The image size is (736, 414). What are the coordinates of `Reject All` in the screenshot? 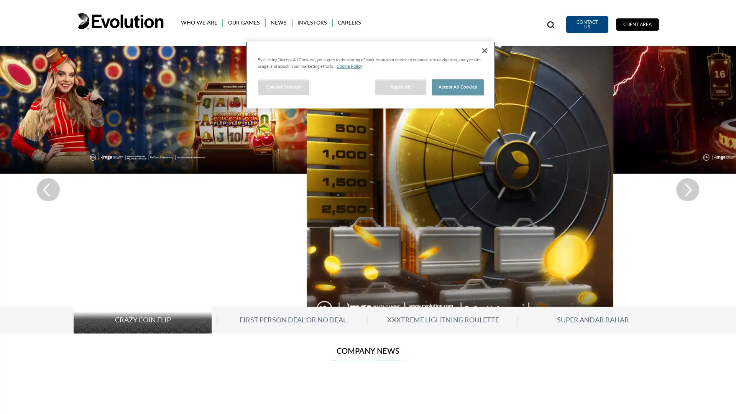 It's located at (400, 87).